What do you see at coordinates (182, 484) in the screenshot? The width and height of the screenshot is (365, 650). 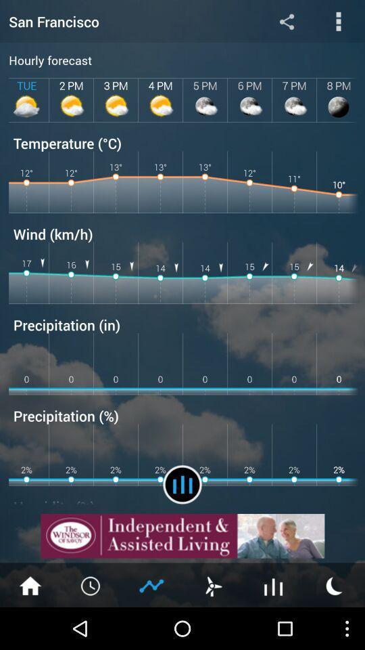 I see `forcast icon` at bounding box center [182, 484].